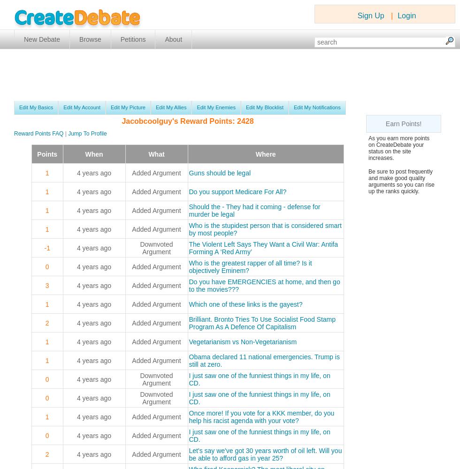 This screenshot has width=460, height=469. I want to click on 'Where', so click(255, 153).